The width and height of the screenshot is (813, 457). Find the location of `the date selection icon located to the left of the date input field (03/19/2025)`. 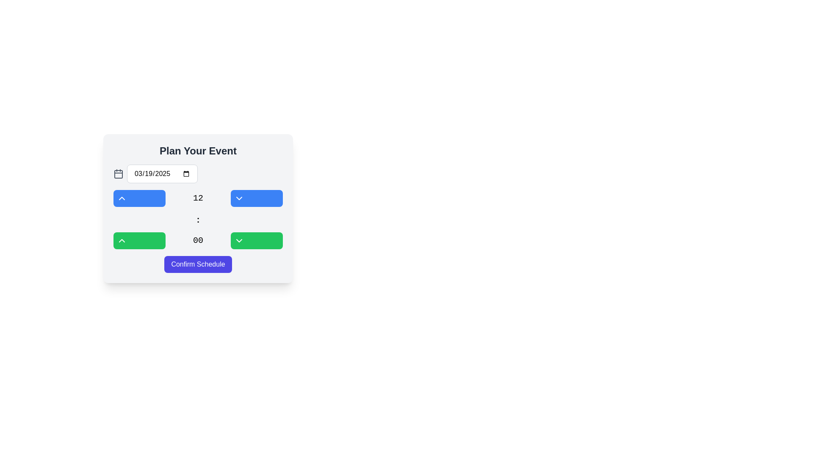

the date selection icon located to the left of the date input field (03/19/2025) is located at coordinates (118, 173).